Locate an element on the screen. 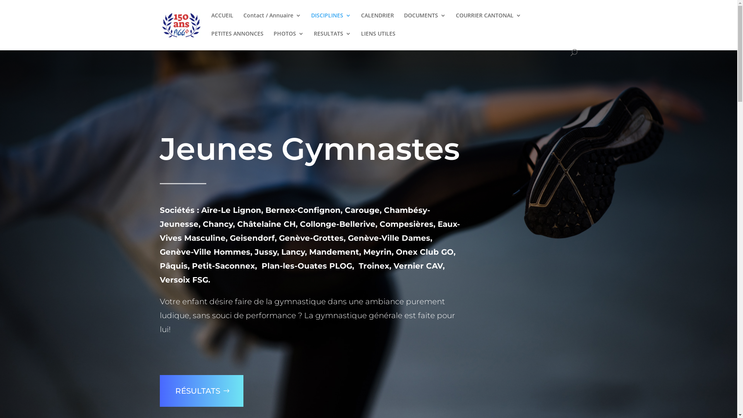  'CALENDRIER' is located at coordinates (360, 21).